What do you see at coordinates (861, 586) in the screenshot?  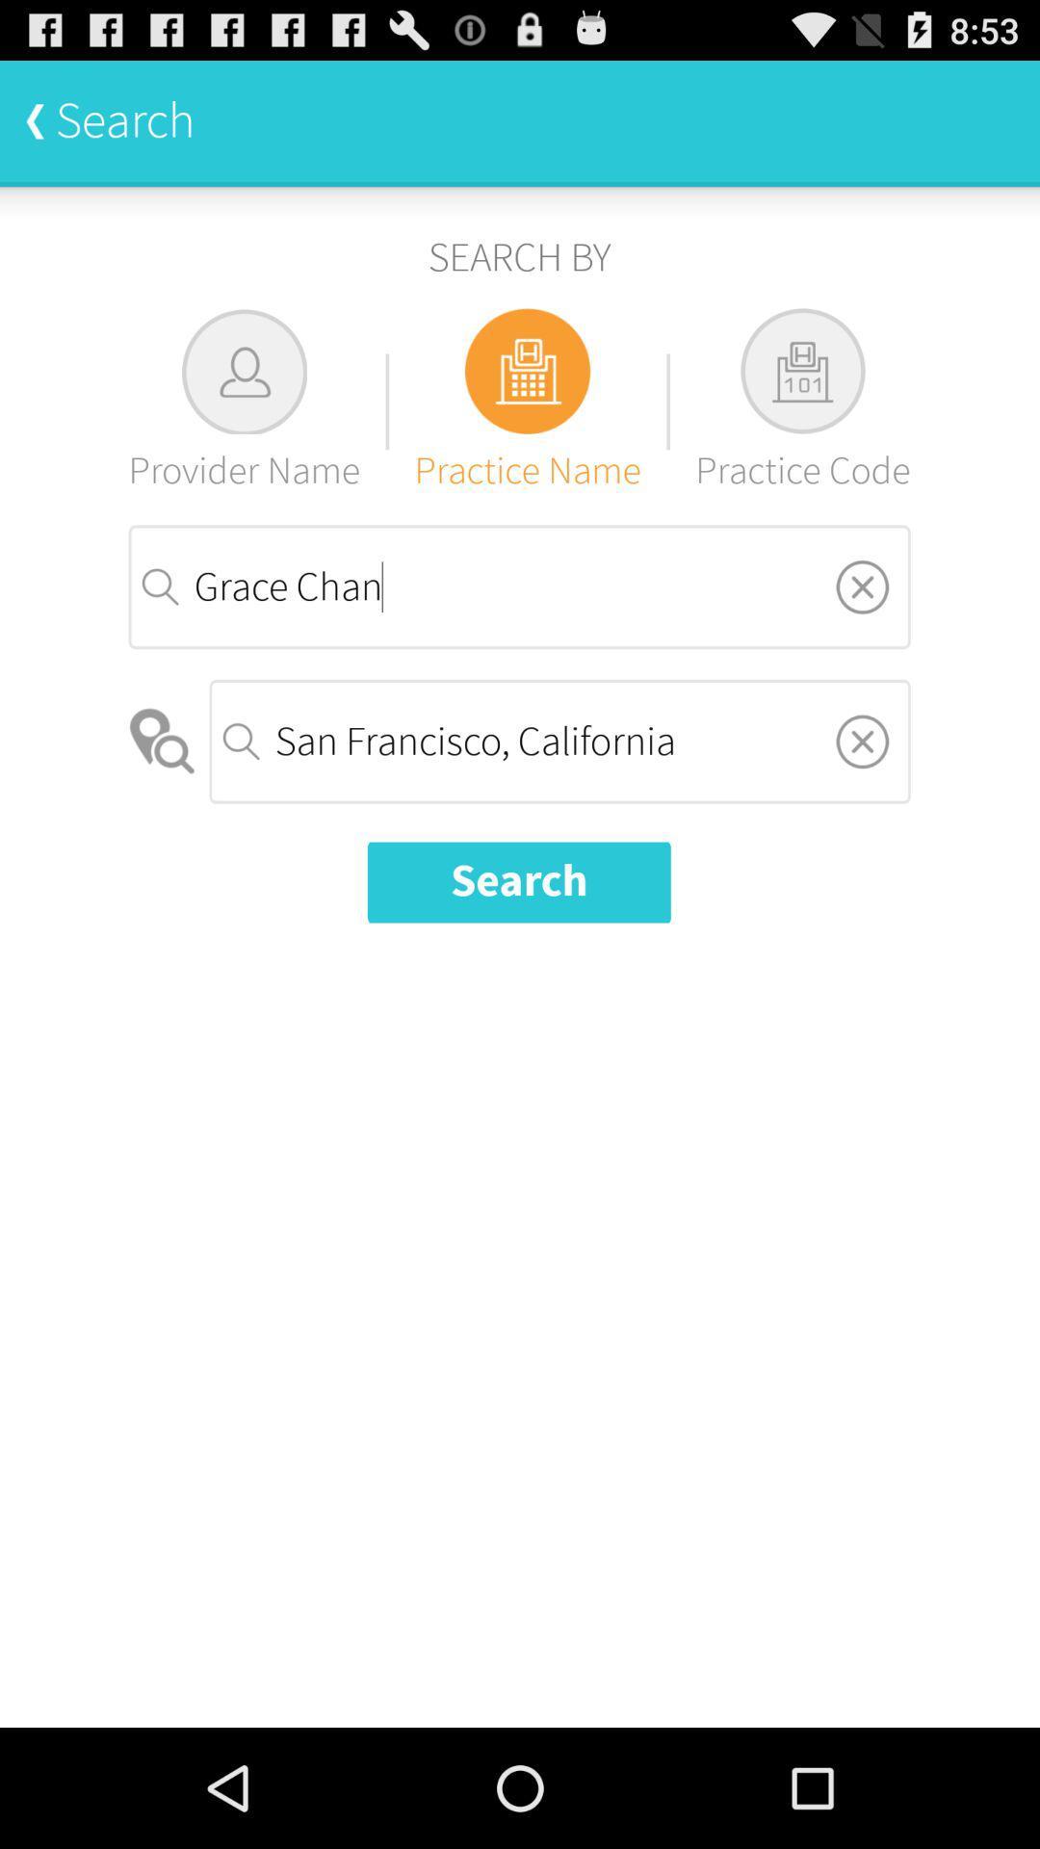 I see `delete` at bounding box center [861, 586].